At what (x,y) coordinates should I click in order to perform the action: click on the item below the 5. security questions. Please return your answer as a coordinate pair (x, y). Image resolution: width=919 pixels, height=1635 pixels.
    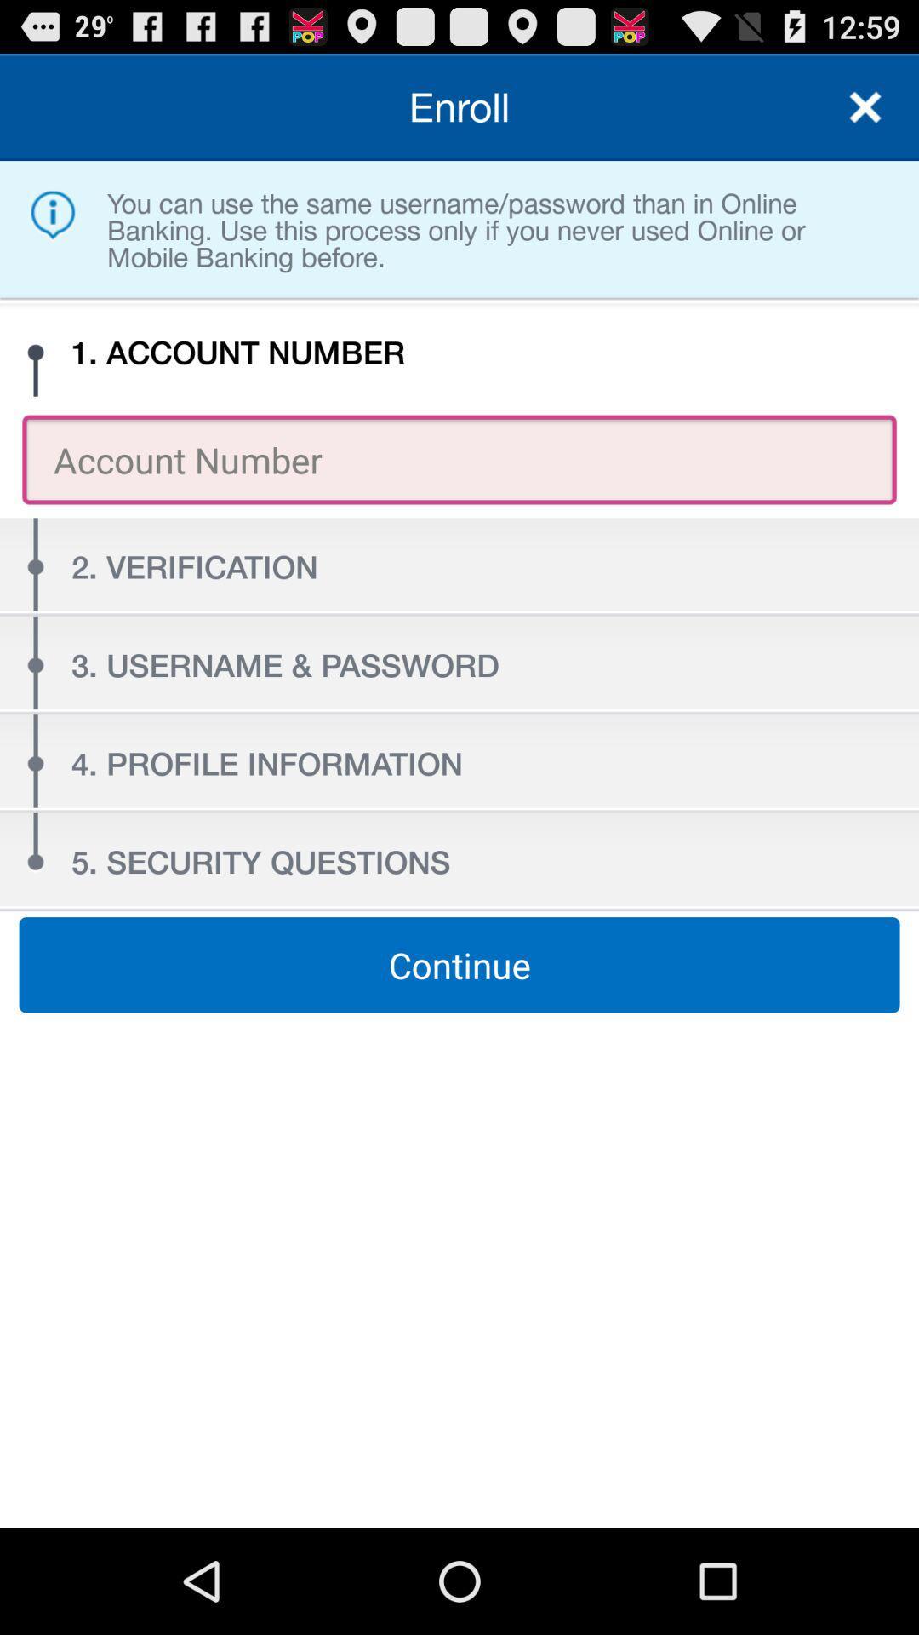
    Looking at the image, I should click on (459, 965).